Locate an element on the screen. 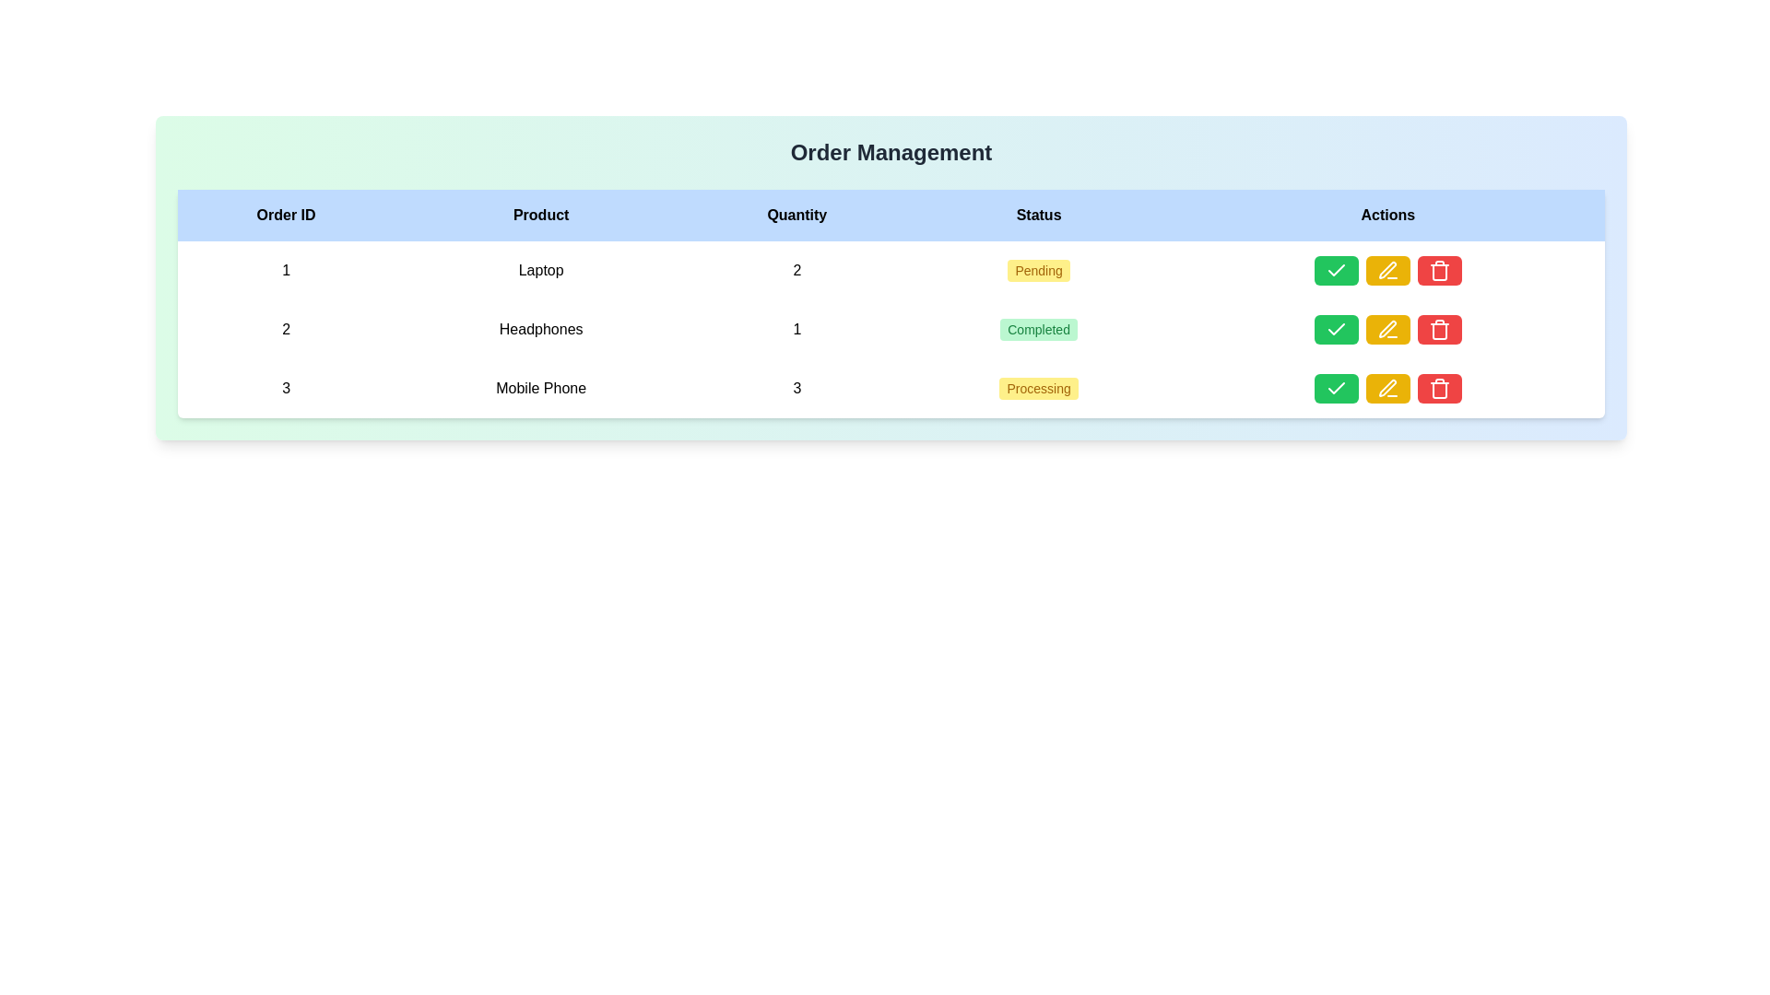 The image size is (1770, 995). the pen icon button in the actions column of the second row to initiate editing is located at coordinates (1387, 270).